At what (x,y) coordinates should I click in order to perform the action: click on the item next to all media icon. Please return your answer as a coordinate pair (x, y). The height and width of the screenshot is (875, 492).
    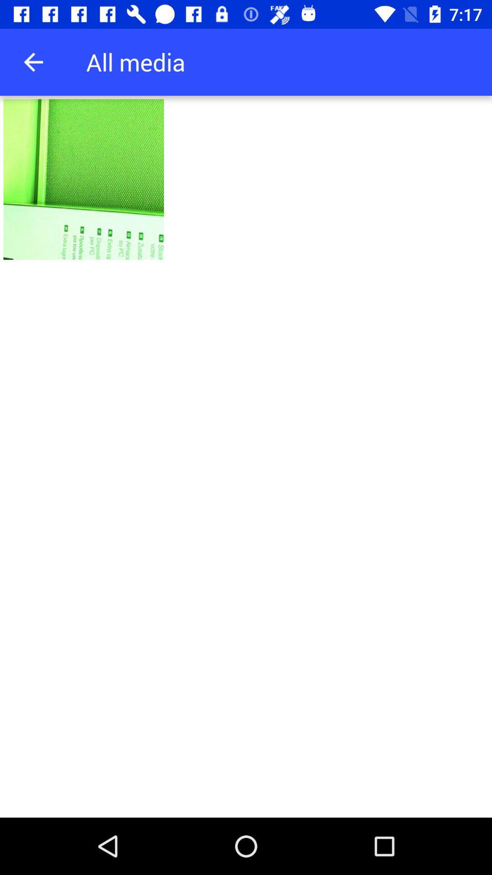
    Looking at the image, I should click on (33, 62).